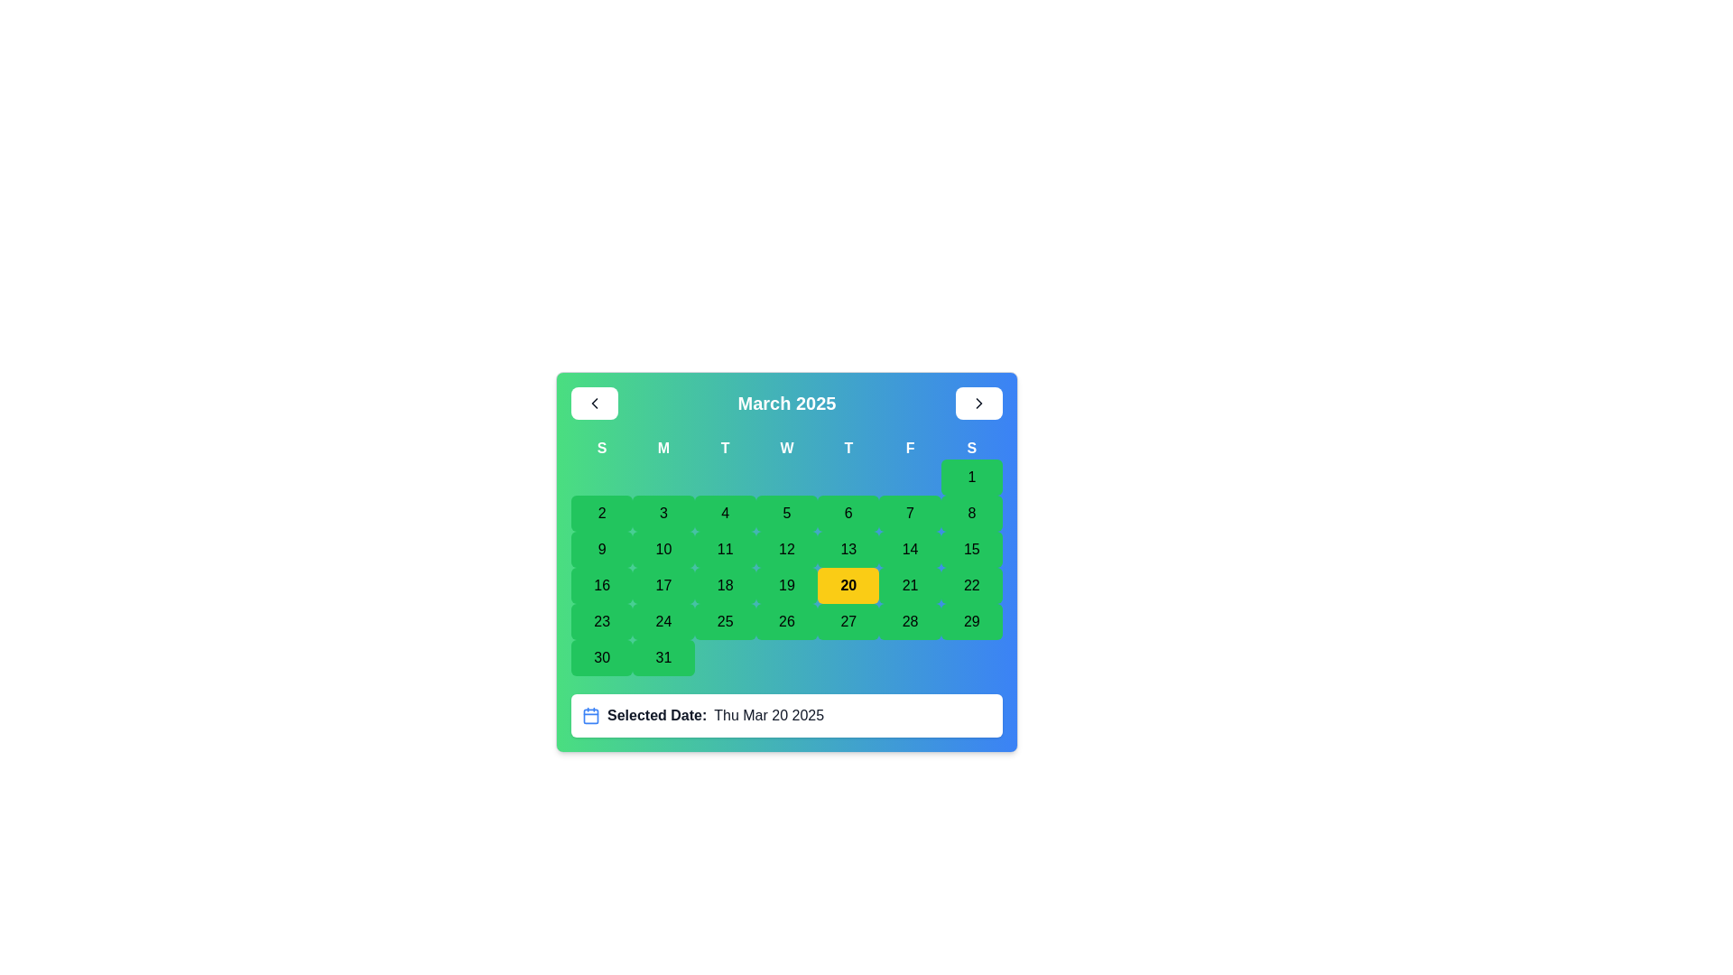 The width and height of the screenshot is (1733, 975). What do you see at coordinates (602, 549) in the screenshot?
I see `the small green button with a bold numeral '9'` at bounding box center [602, 549].